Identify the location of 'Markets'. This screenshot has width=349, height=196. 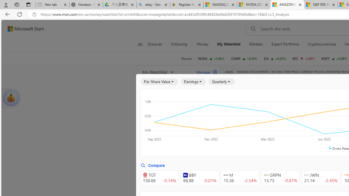
(255, 44).